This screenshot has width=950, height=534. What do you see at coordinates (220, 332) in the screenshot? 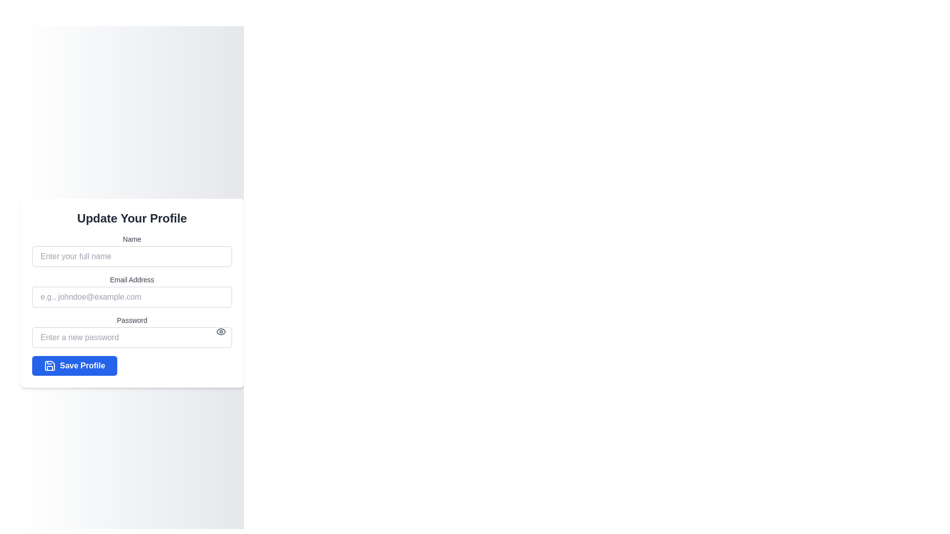
I see `the eye icon button located to the right of the 'Password' input field in the 'Update Your Profile' form` at bounding box center [220, 332].